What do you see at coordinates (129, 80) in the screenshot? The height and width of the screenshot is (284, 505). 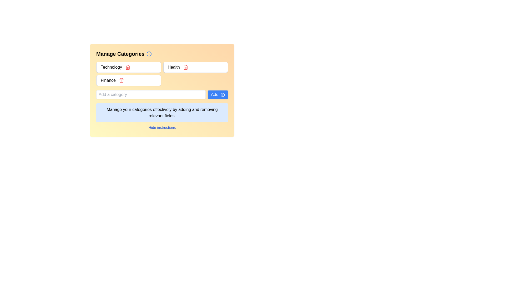 I see `the 'Finance' category item in the list of categories for navigation or editing purposes` at bounding box center [129, 80].